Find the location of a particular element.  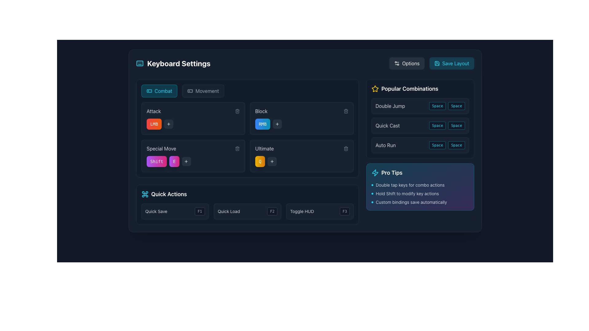

the second 'Space' button in the 'Double Jump' row of the 'Popular Combinations' section, which is adjacent to the 'Double Jump' label is located at coordinates (447, 106).